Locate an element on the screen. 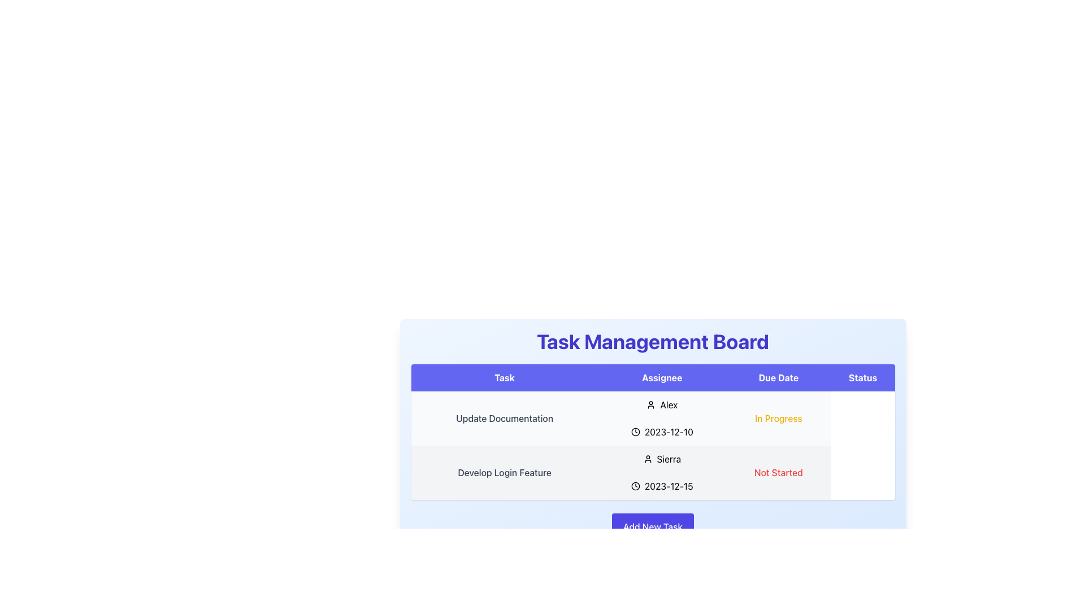 This screenshot has height=610, width=1085. the second row of the task management data table to view details of the task, which includes task name, assignee, deadline, and completion status is located at coordinates (653, 445).